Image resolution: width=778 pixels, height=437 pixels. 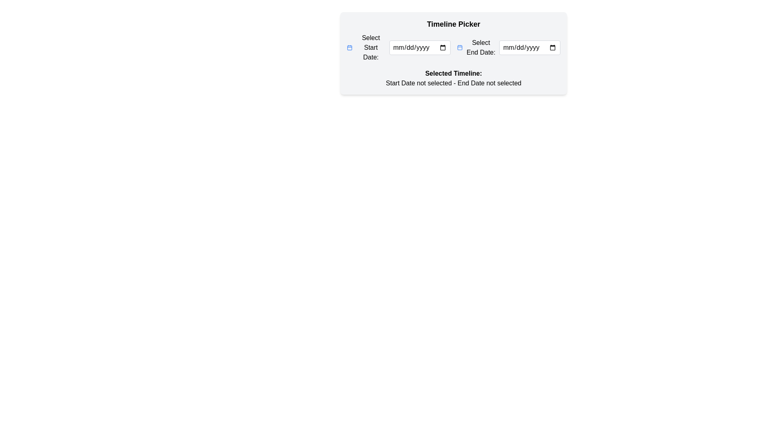 What do you see at coordinates (350, 48) in the screenshot?
I see `the calendar icon component to provide interactive feedback for the 'Start Date' input field in the timeline picker` at bounding box center [350, 48].